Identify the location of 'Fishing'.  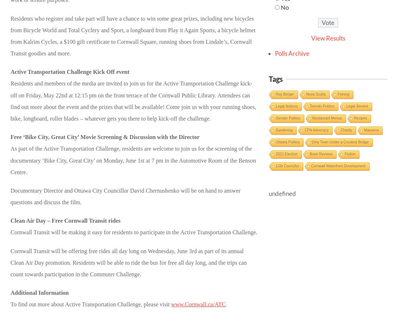
(343, 94).